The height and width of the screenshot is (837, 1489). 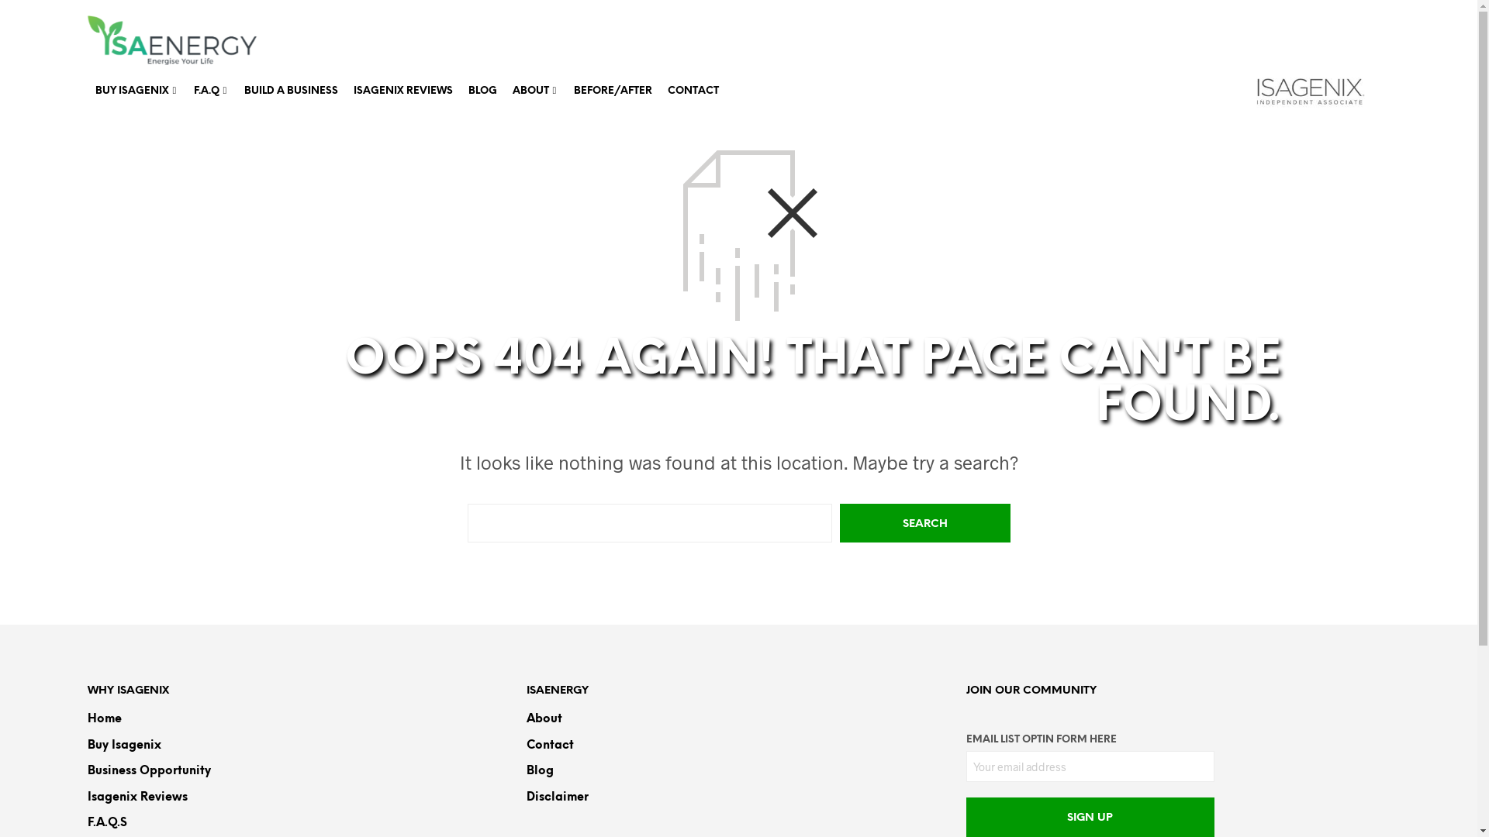 What do you see at coordinates (530, 91) in the screenshot?
I see `'ABOUT'` at bounding box center [530, 91].